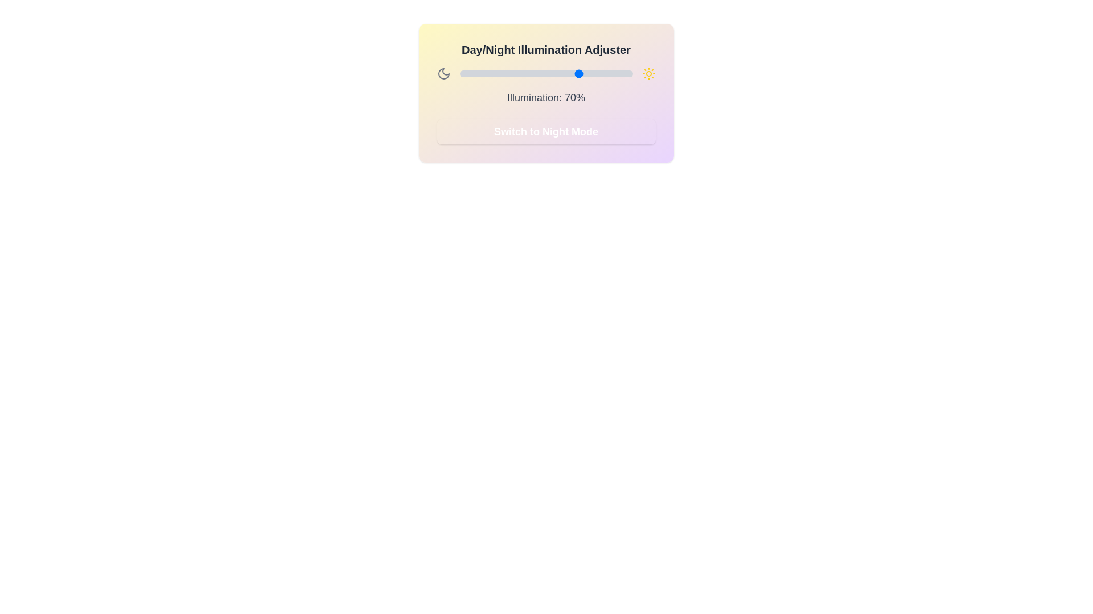  What do you see at coordinates (623, 74) in the screenshot?
I see `the illumination level to 95% by dragging the slider` at bounding box center [623, 74].